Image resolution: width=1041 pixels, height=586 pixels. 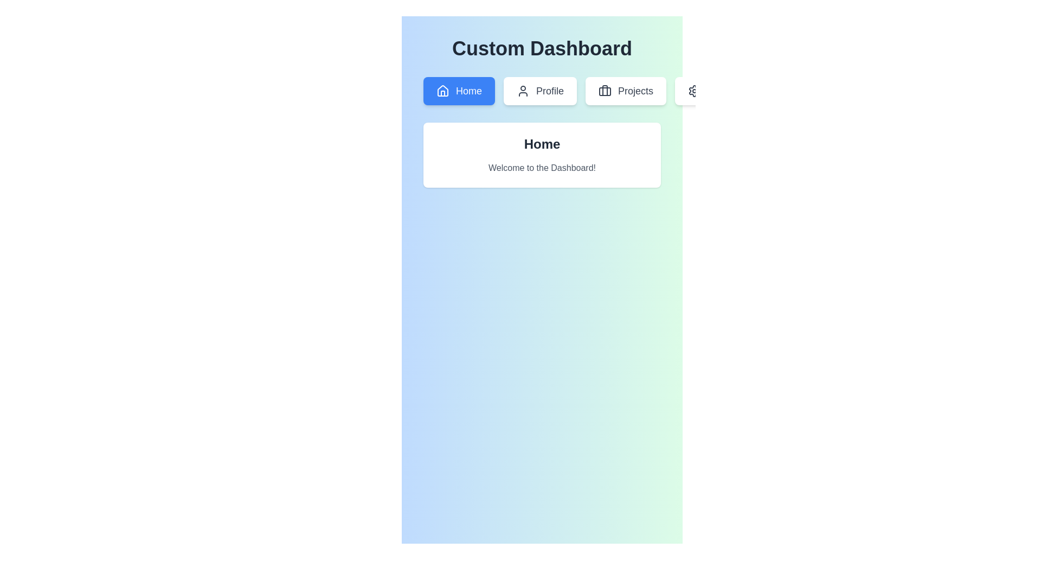 I want to click on the 'Projects' button, which has a white background, rounded corners, gray text, and a briefcase icon, so click(x=626, y=91).